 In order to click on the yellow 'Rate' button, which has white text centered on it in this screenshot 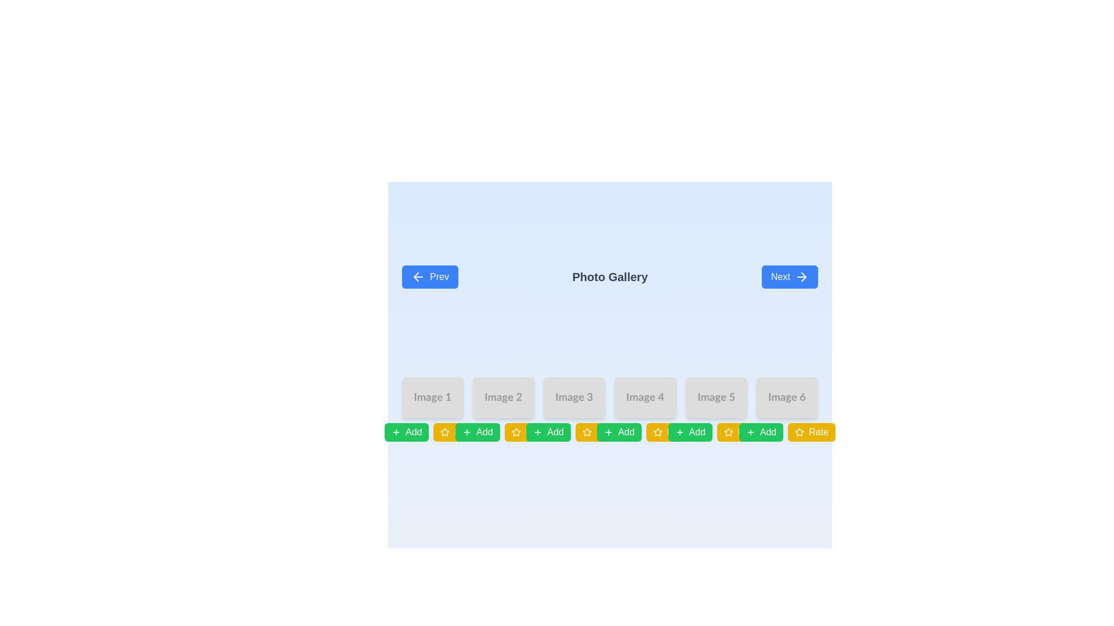, I will do `click(645, 432)`.